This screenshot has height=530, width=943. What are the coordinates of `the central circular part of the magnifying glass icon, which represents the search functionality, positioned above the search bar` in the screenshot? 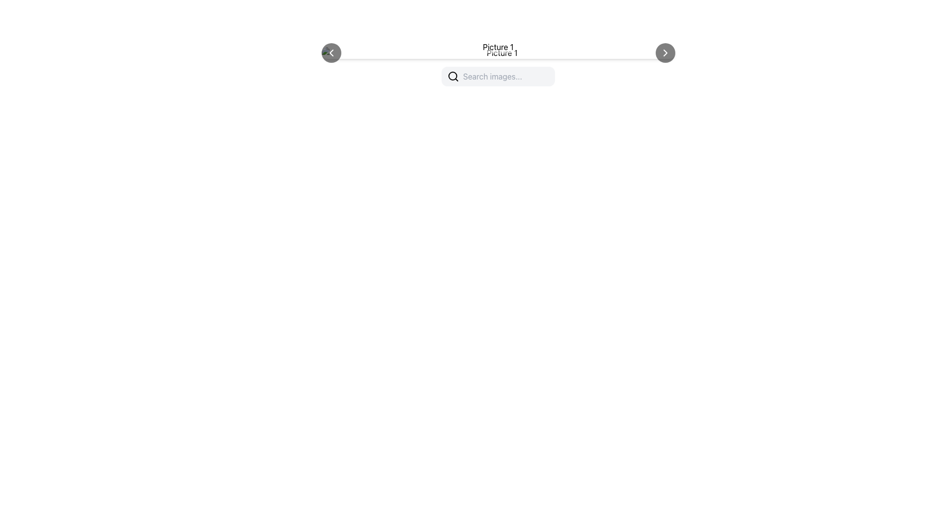 It's located at (452, 75).